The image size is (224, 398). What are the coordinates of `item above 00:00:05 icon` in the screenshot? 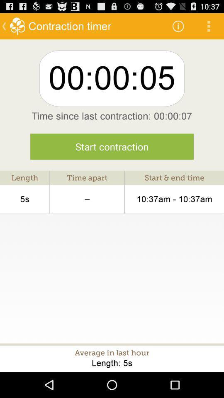 It's located at (178, 26).